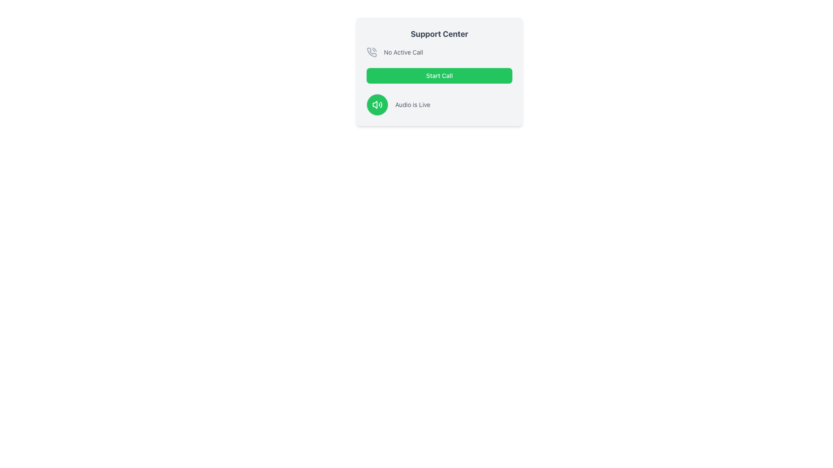 Image resolution: width=833 pixels, height=468 pixels. What do you see at coordinates (439, 75) in the screenshot?
I see `the 'Start Call' button, which is a green rectangular button with rounded corners containing white text` at bounding box center [439, 75].